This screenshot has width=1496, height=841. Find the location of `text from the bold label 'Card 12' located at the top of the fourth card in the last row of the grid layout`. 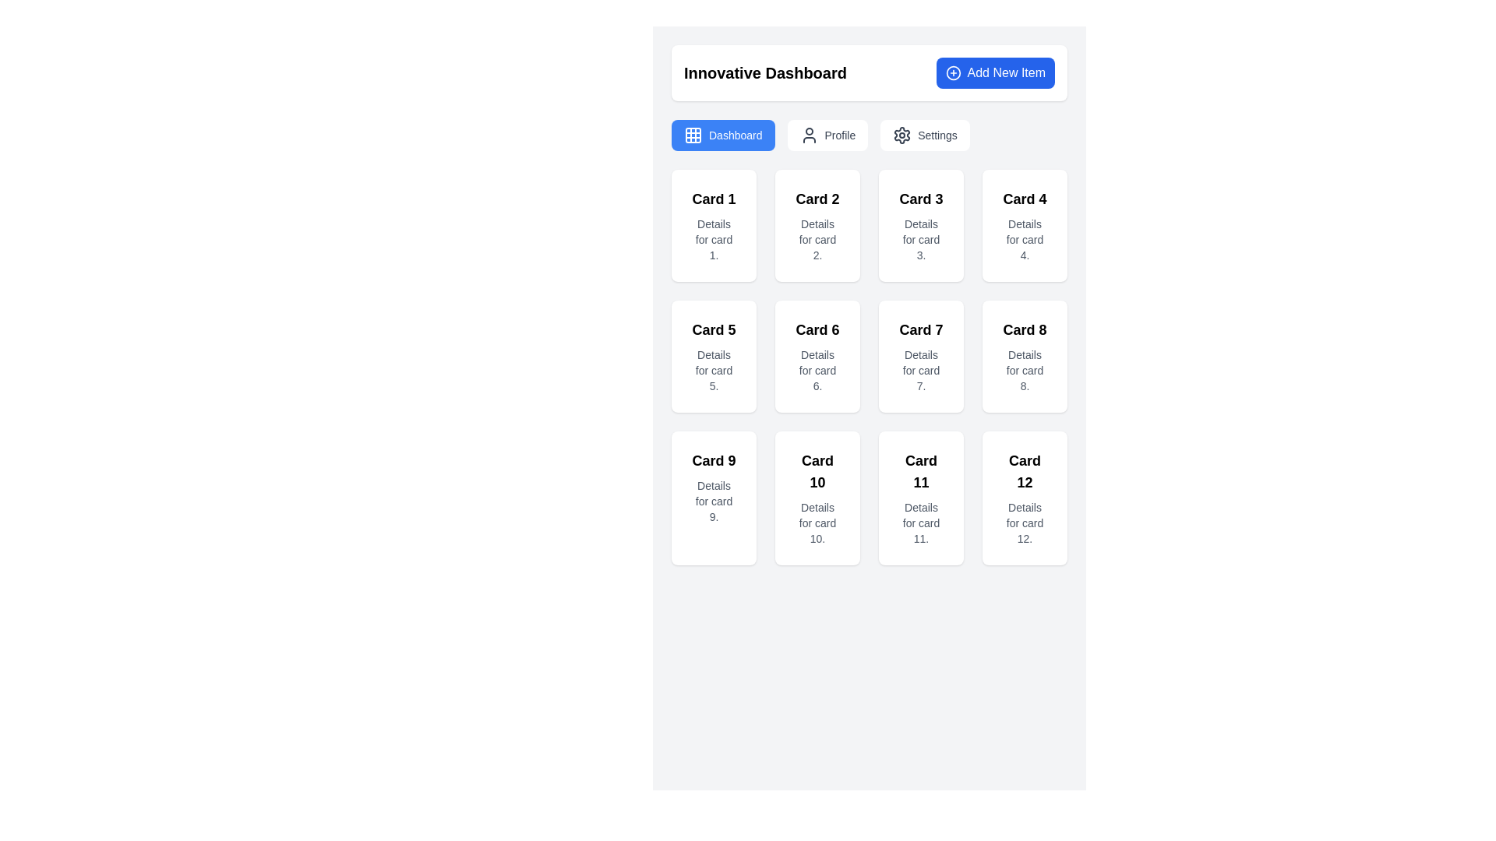

text from the bold label 'Card 12' located at the top of the fourth card in the last row of the grid layout is located at coordinates (1025, 470).